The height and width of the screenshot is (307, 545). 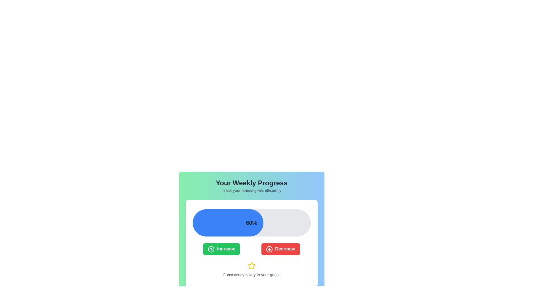 What do you see at coordinates (251, 265) in the screenshot?
I see `the icon located at the bottom center of the card-like component, positioned below the 'Increase' and 'Decrease' buttons and above the text 'Consistency is key to your goals'` at bounding box center [251, 265].